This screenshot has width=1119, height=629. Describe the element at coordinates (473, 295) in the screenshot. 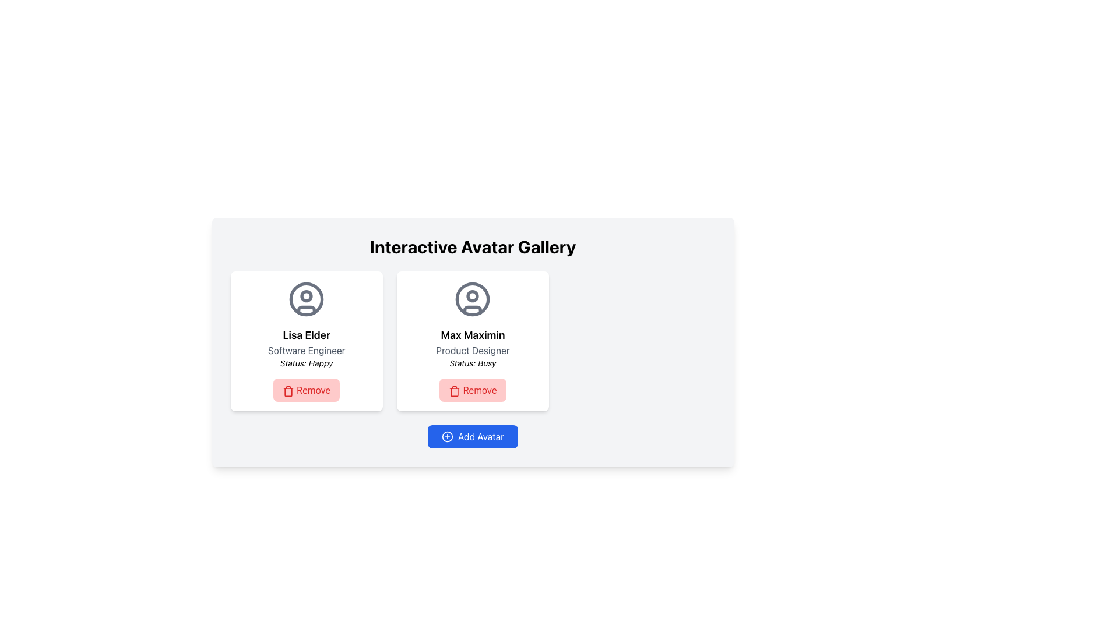

I see `the small circle representing a part of the face in the avatar for Max Maximin, which is positioned slightly above the center of the larger circular avatar icon` at that location.